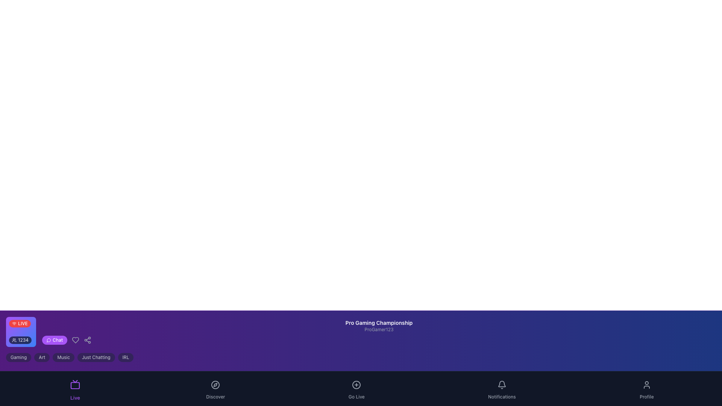  I want to click on the 'Add or Create Action' icon located in the bottom navigation bar, directly above the 'Go Live' label, so click(356, 385).